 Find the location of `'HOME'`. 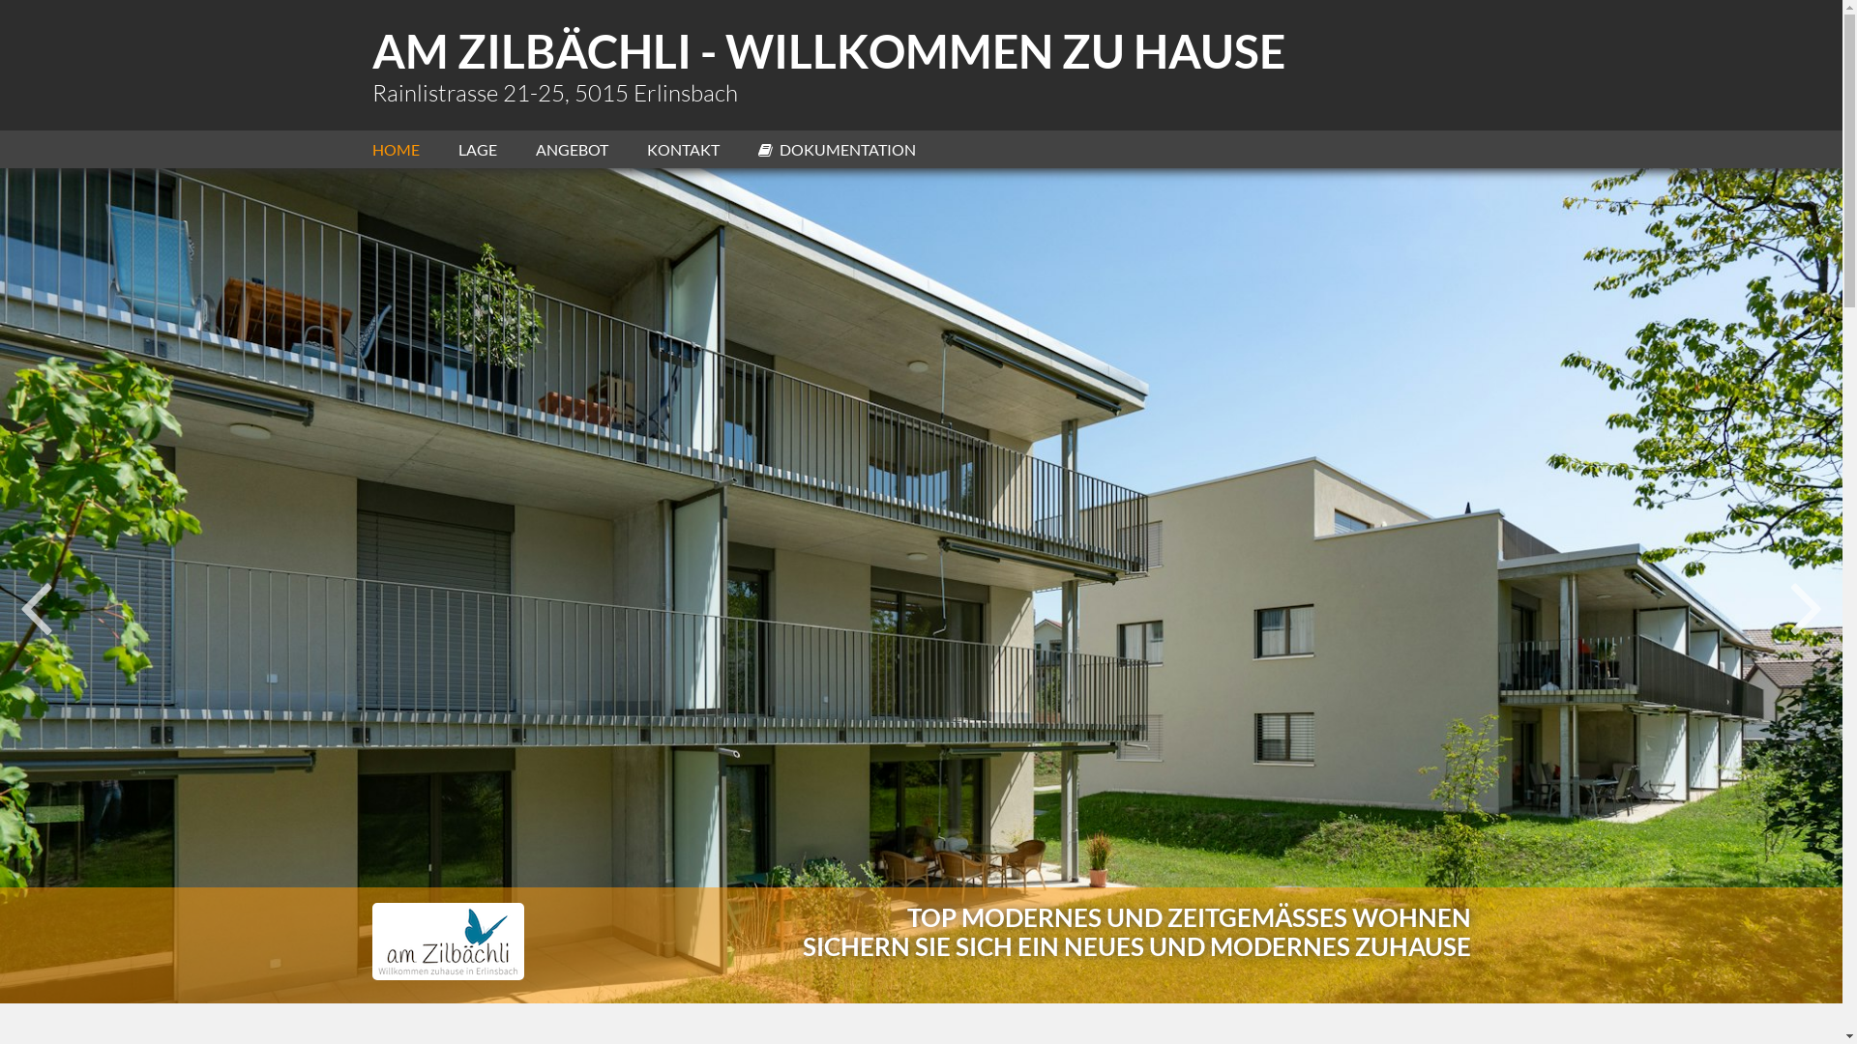

'HOME' is located at coordinates (413, 148).